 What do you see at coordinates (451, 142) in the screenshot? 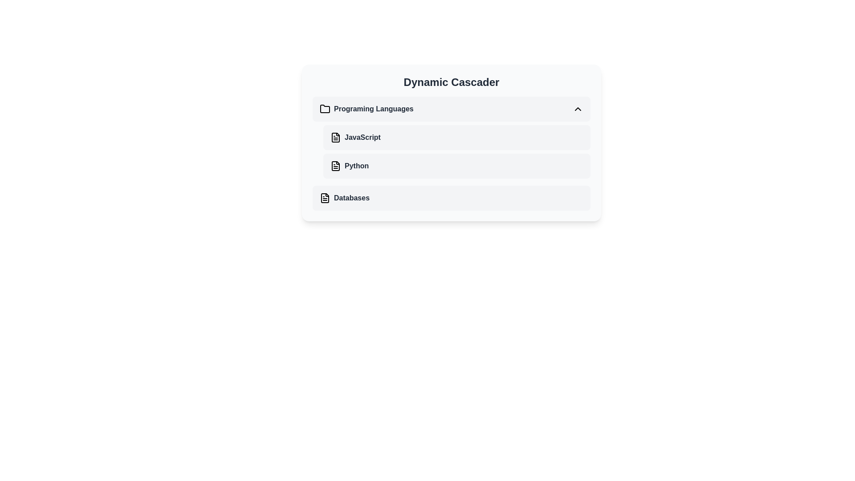
I see `the option 'JavaScript' within the 'Dynamic Cascader' dropdown menu, which is the second item under 'Programming Languages'` at bounding box center [451, 142].